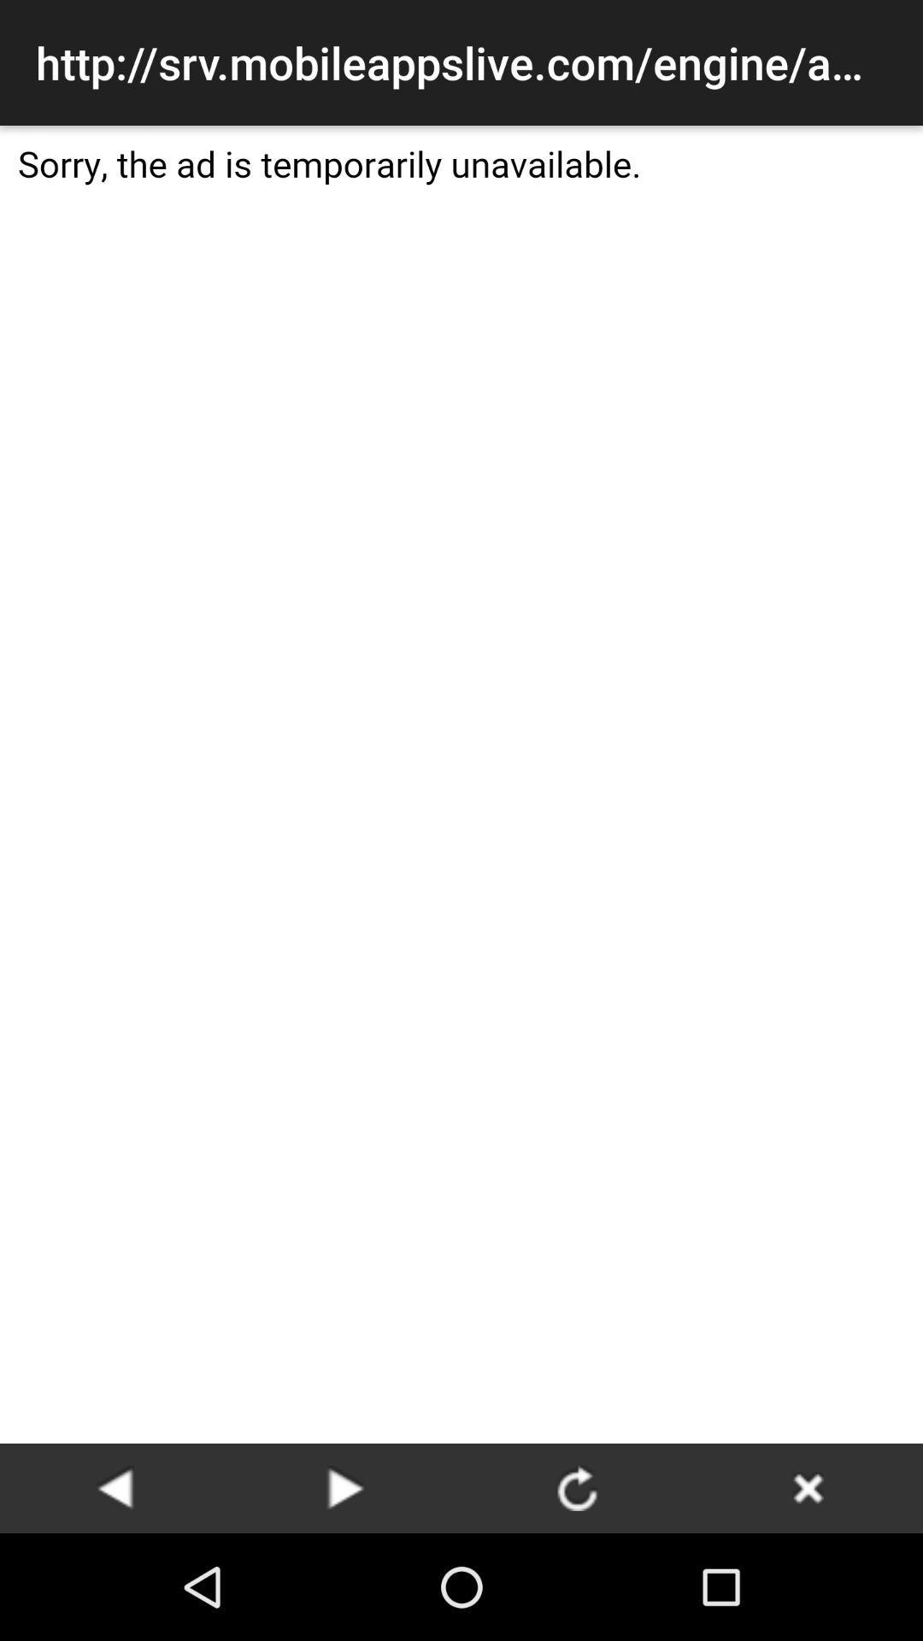  I want to click on the arrow_backward icon, so click(115, 1591).